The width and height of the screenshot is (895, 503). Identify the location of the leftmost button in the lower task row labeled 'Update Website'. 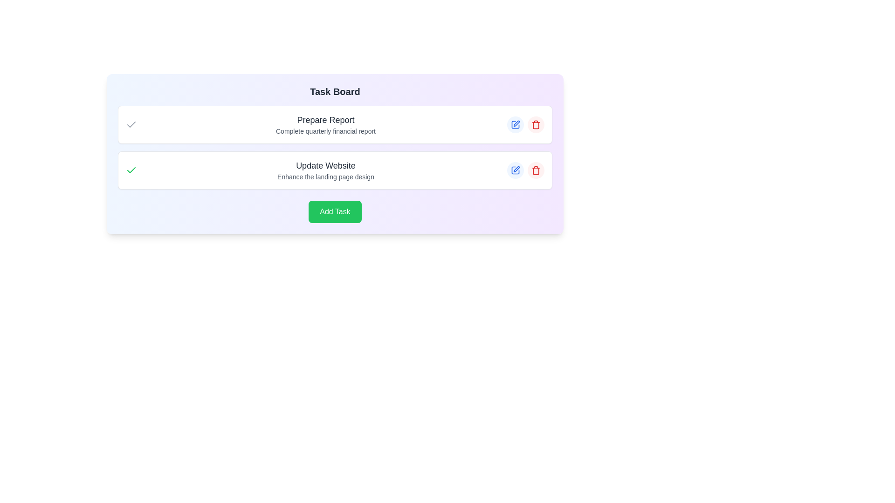
(515, 170).